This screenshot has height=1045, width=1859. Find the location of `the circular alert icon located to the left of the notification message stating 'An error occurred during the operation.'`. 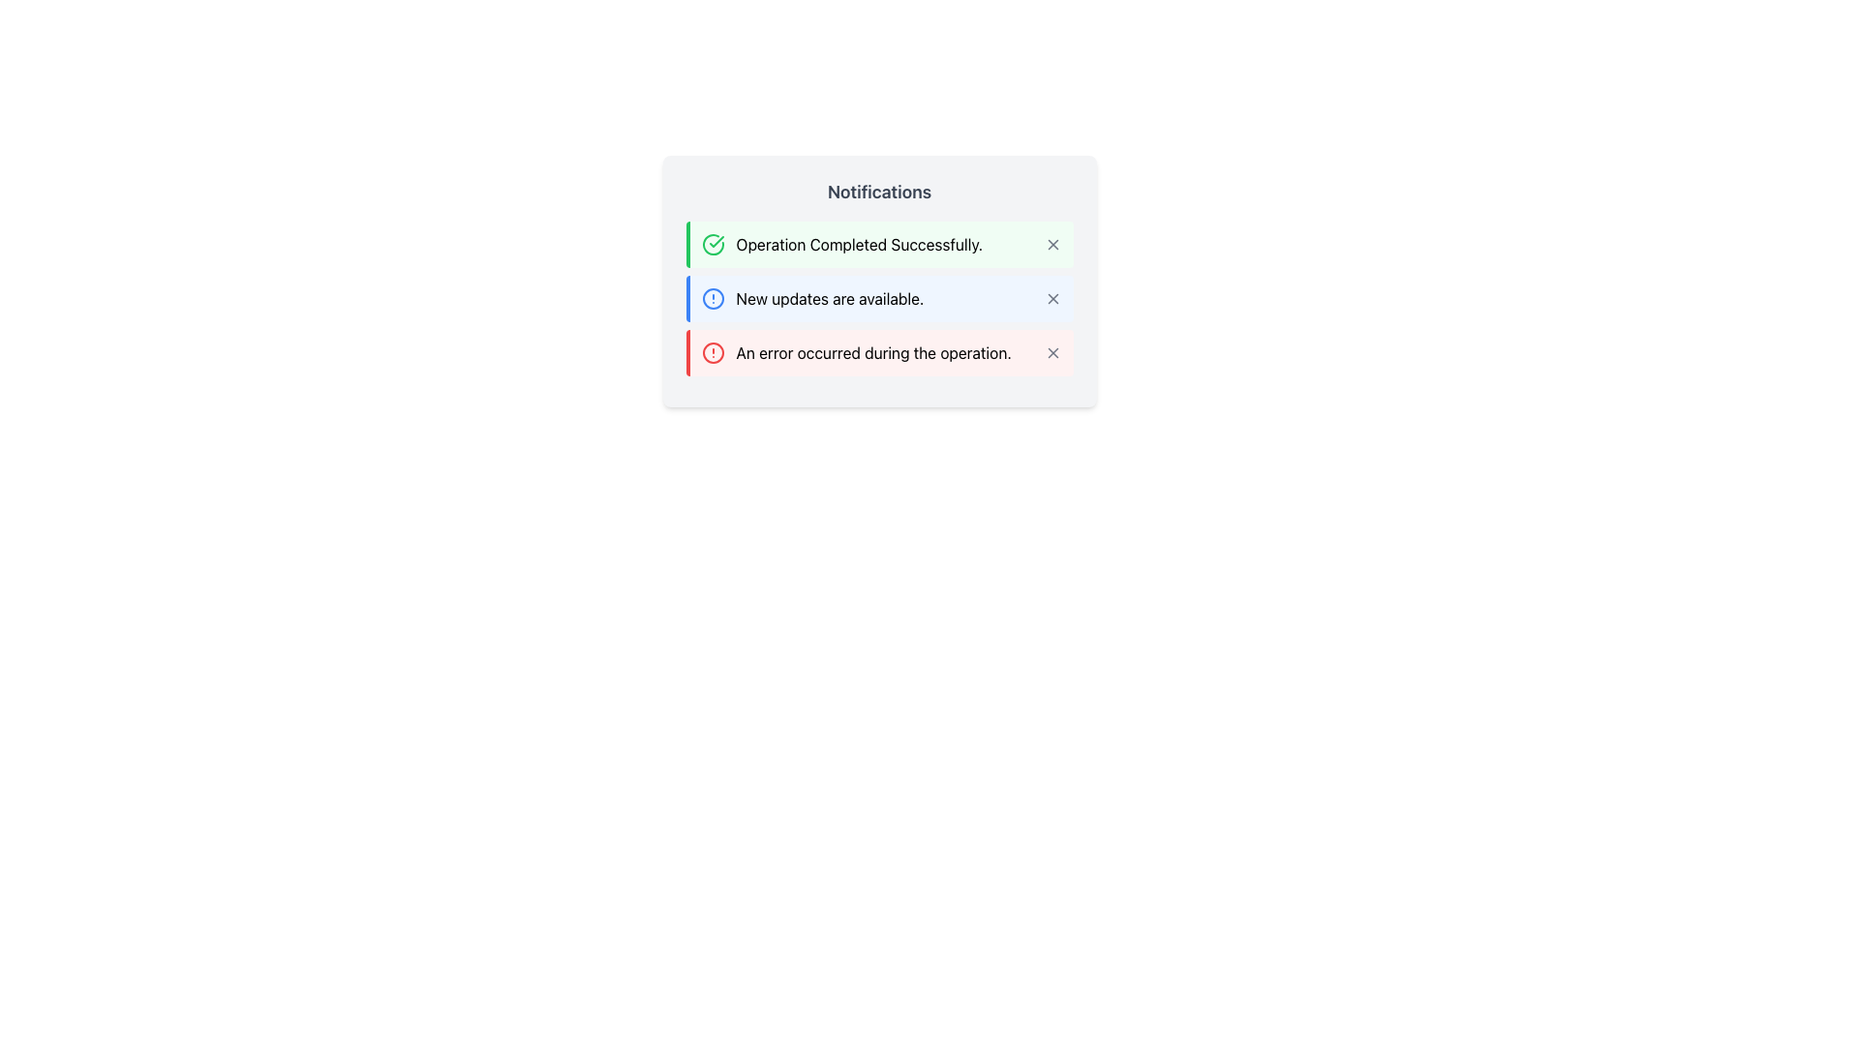

the circular alert icon located to the left of the notification message stating 'An error occurred during the operation.' is located at coordinates (712, 353).